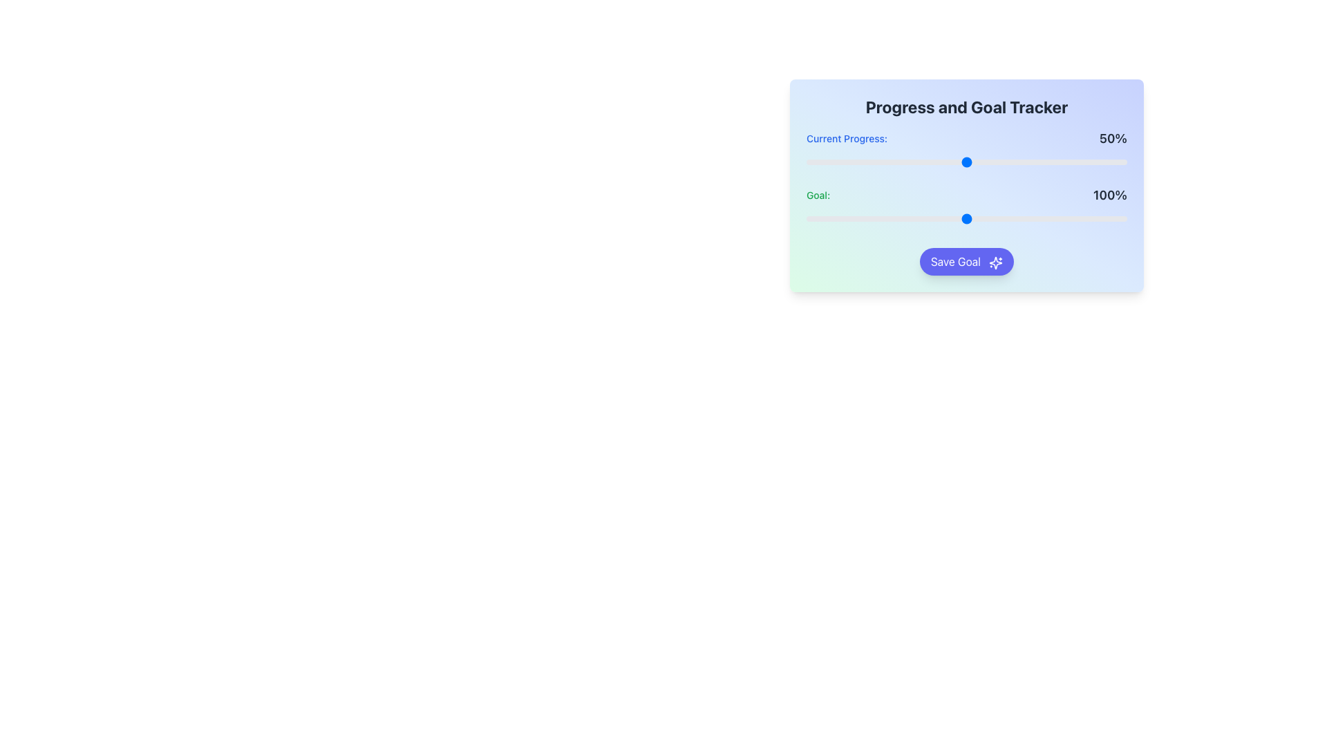 The width and height of the screenshot is (1327, 746). What do you see at coordinates (846, 138) in the screenshot?
I see `the text label displaying 'Current Progress:' in blue color, located in the 'Progress and Goal Tracker' section` at bounding box center [846, 138].